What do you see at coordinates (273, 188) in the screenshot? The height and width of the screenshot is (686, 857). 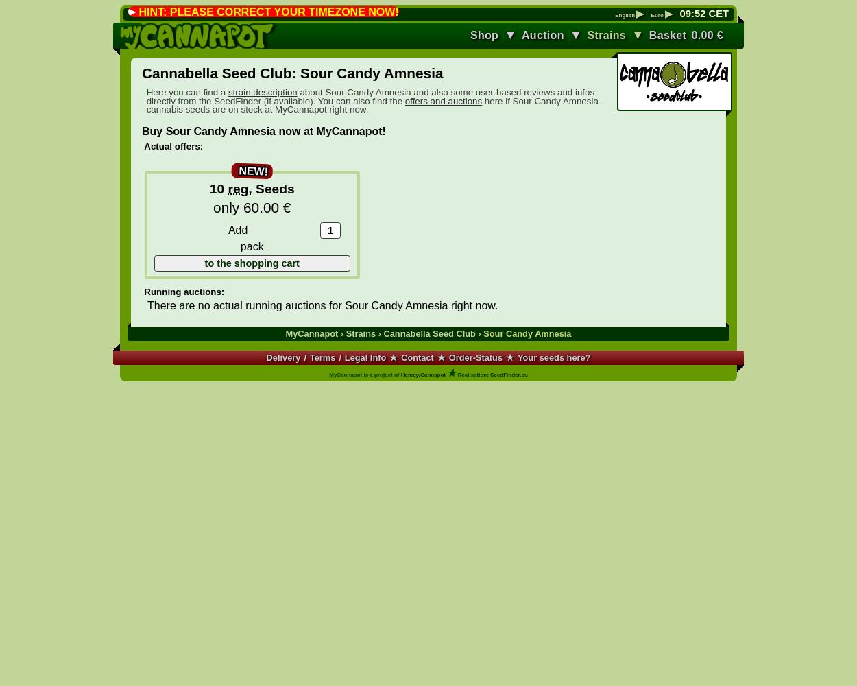 I see `'Seeds'` at bounding box center [273, 188].